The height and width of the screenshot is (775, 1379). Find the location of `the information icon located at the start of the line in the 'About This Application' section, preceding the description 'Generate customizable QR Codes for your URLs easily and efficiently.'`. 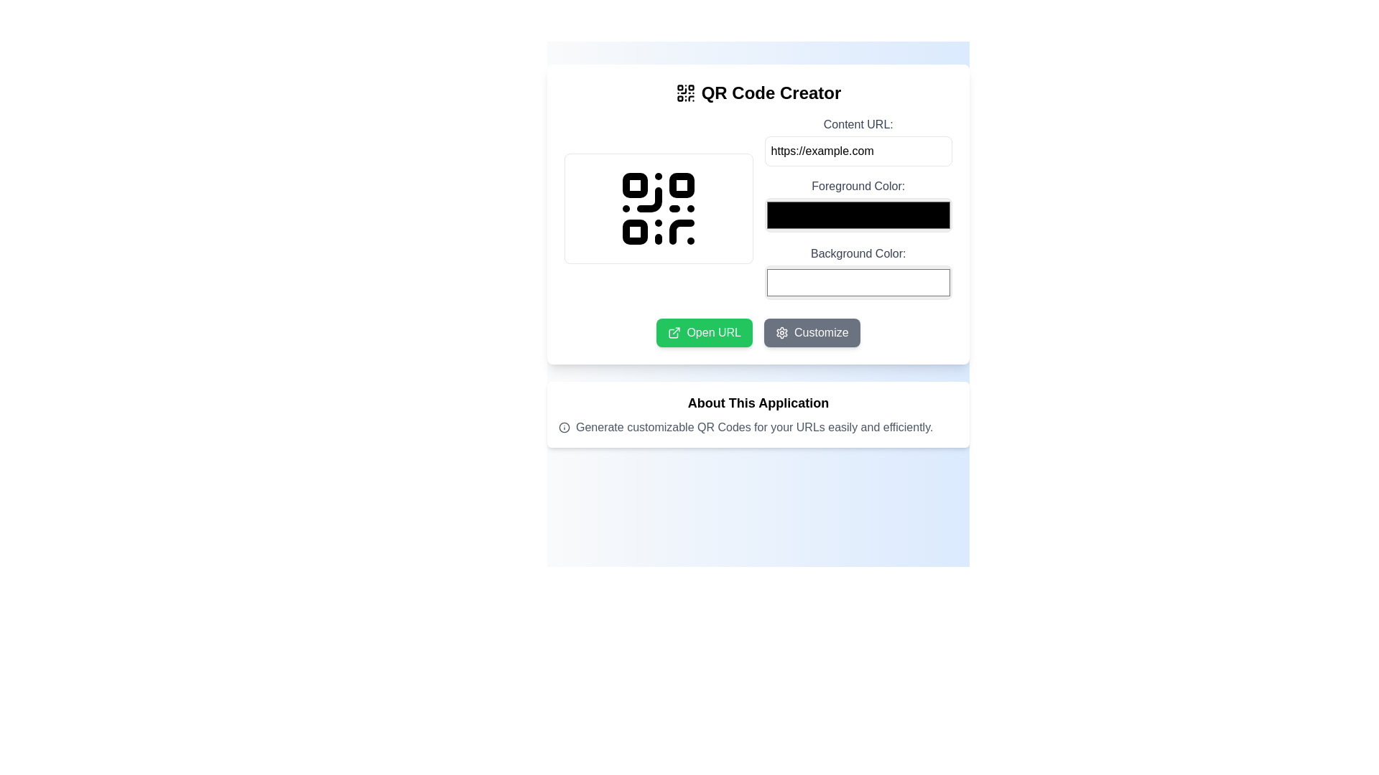

the information icon located at the start of the line in the 'About This Application' section, preceding the description 'Generate customizable QR Codes for your URLs easily and efficiently.' is located at coordinates (564, 427).